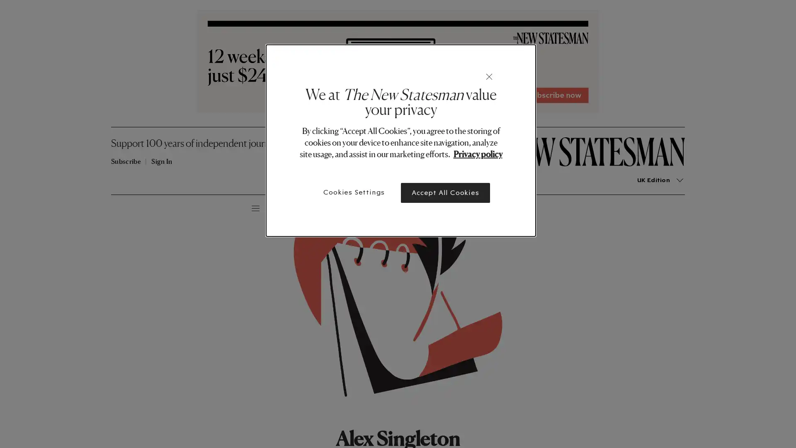 The image size is (796, 448). Describe the element at coordinates (168, 207) in the screenshot. I see `Search` at that location.